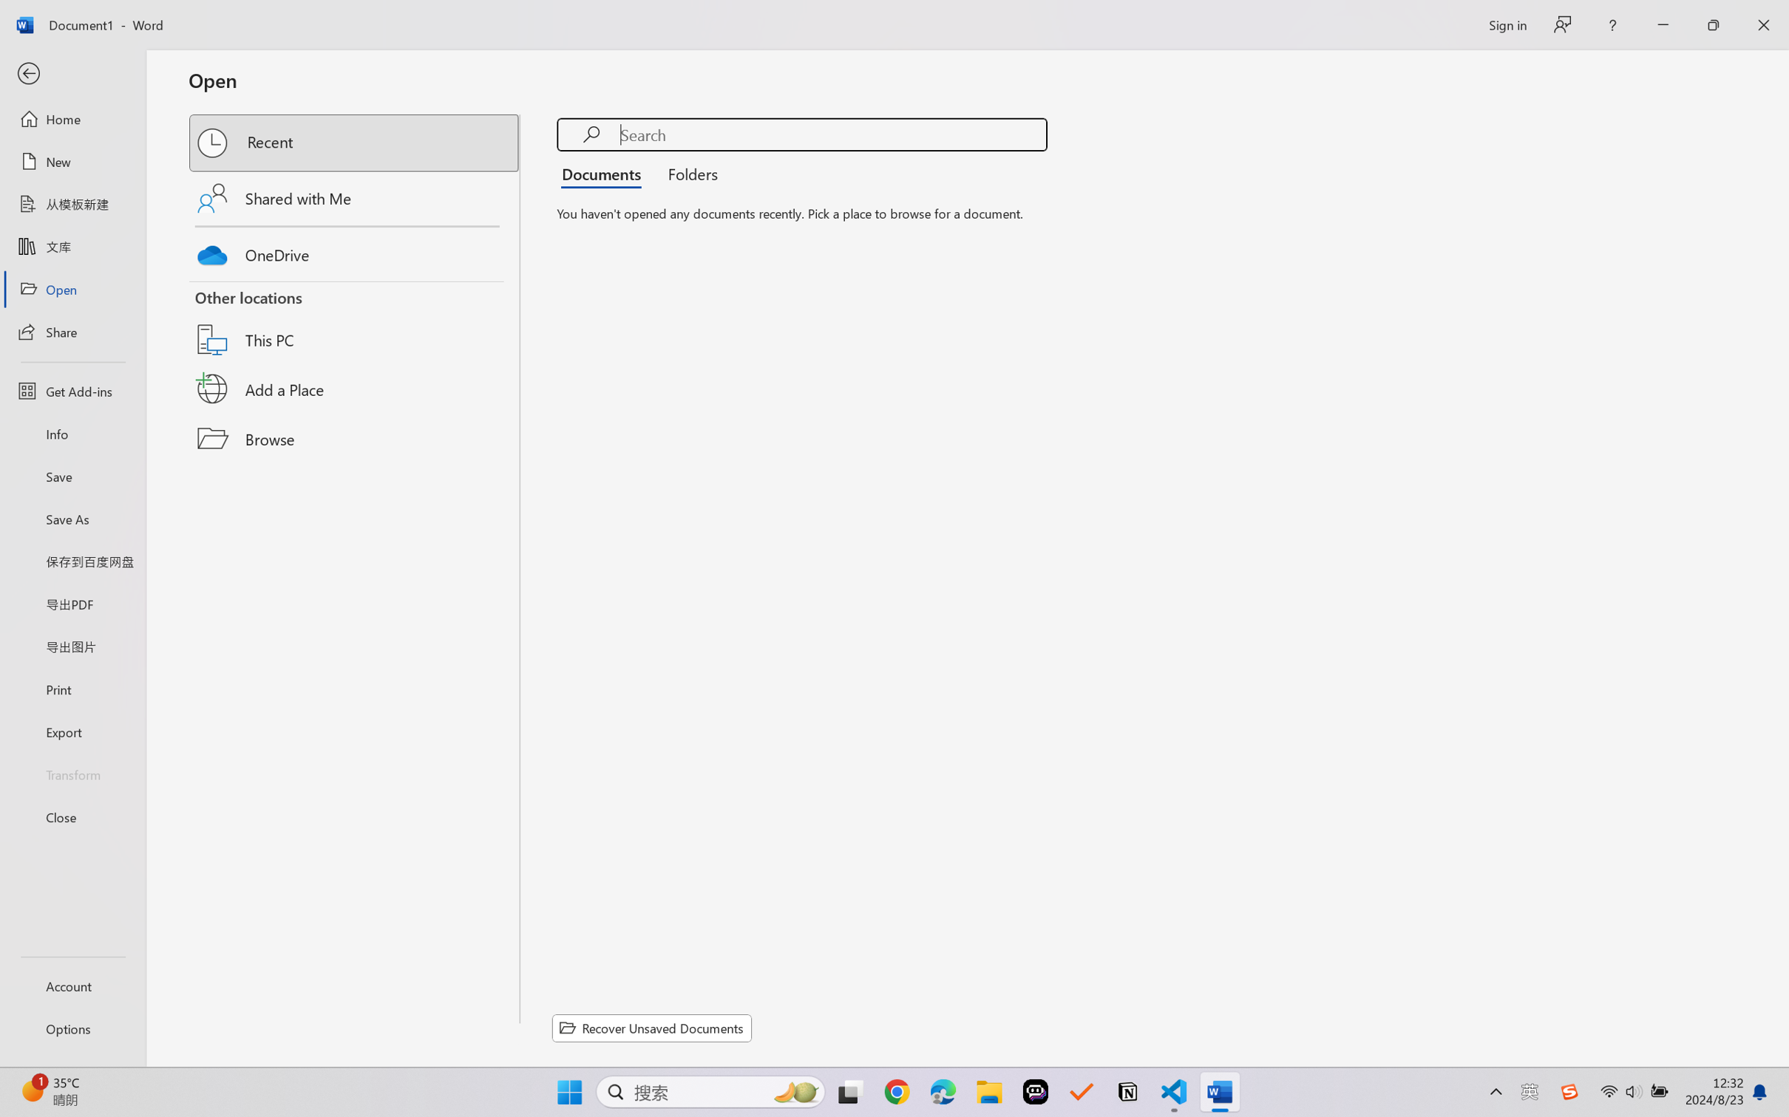  I want to click on 'This PC', so click(355, 321).